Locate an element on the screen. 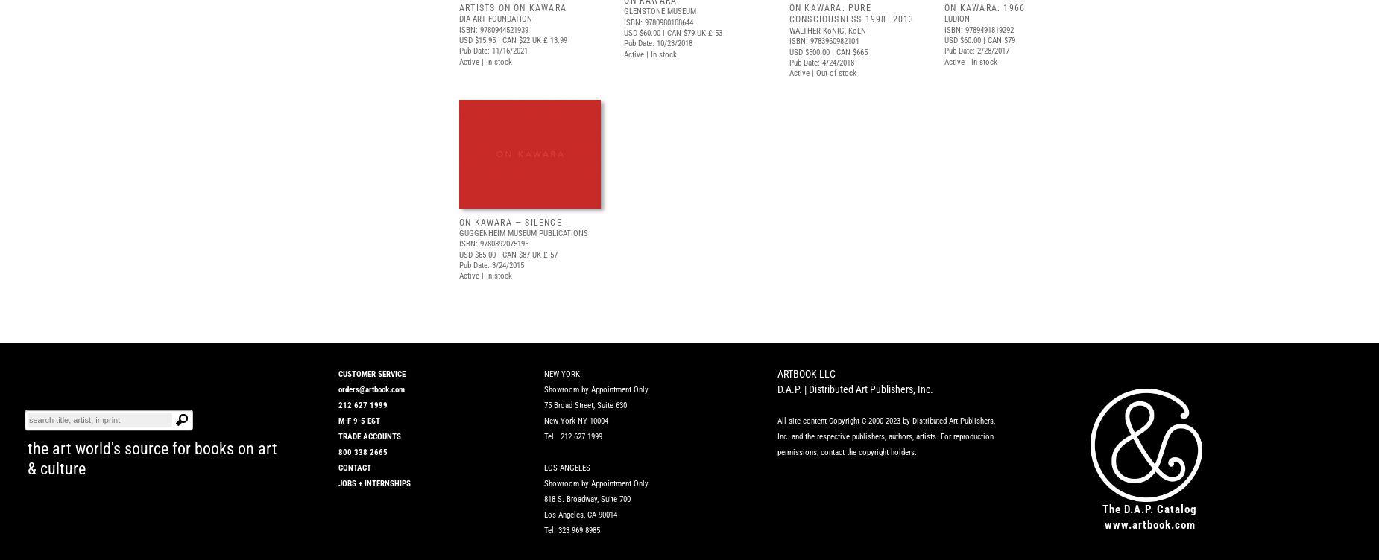 This screenshot has width=1379, height=560. 'www.artbook.com' is located at coordinates (1149, 524).